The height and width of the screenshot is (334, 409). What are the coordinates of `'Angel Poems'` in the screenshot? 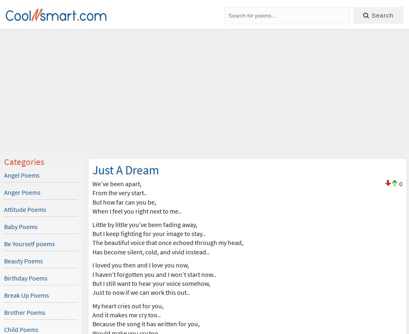 It's located at (22, 174).